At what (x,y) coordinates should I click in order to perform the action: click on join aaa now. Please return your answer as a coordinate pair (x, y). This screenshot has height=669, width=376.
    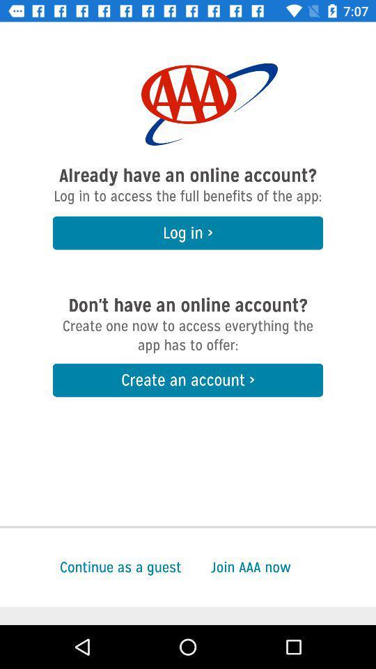
    Looking at the image, I should click on (292, 567).